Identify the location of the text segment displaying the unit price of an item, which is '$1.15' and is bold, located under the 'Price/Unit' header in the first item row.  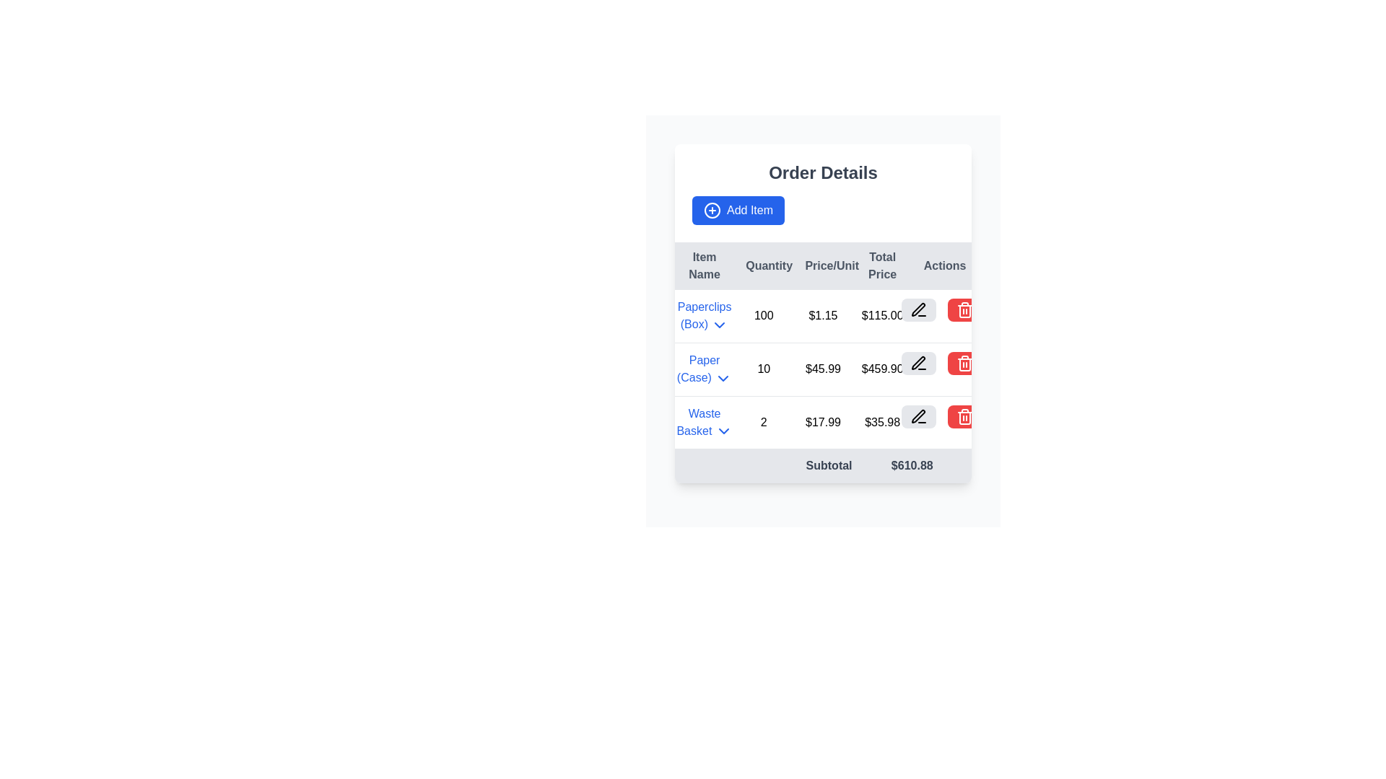
(823, 315).